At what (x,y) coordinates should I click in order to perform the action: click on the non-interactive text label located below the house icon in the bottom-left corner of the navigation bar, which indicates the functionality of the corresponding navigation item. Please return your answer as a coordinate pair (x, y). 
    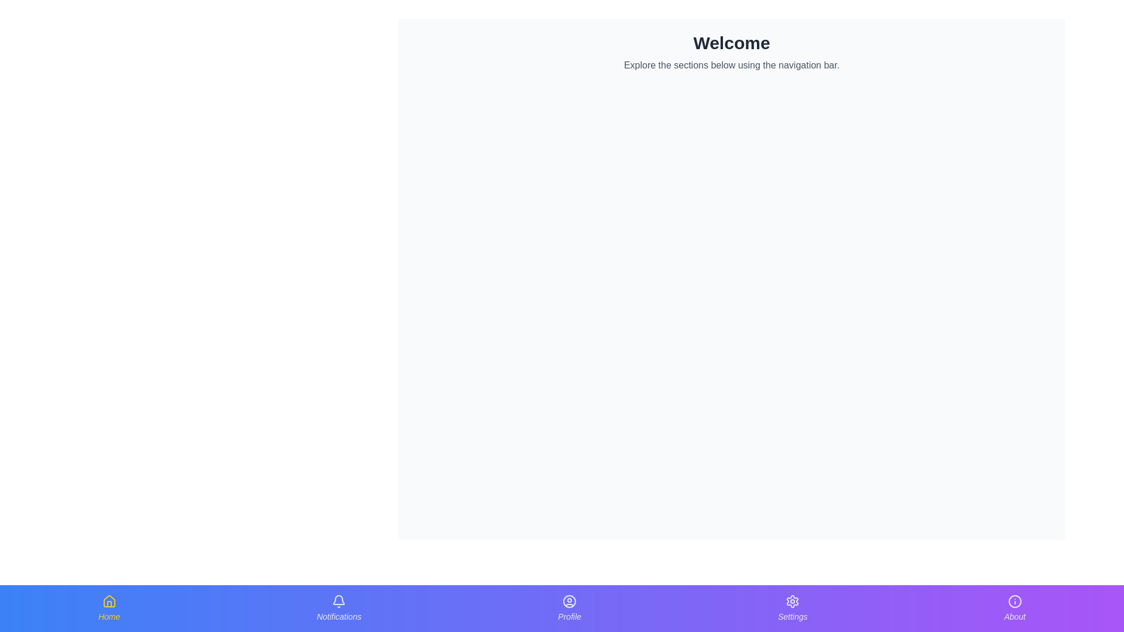
    Looking at the image, I should click on (109, 616).